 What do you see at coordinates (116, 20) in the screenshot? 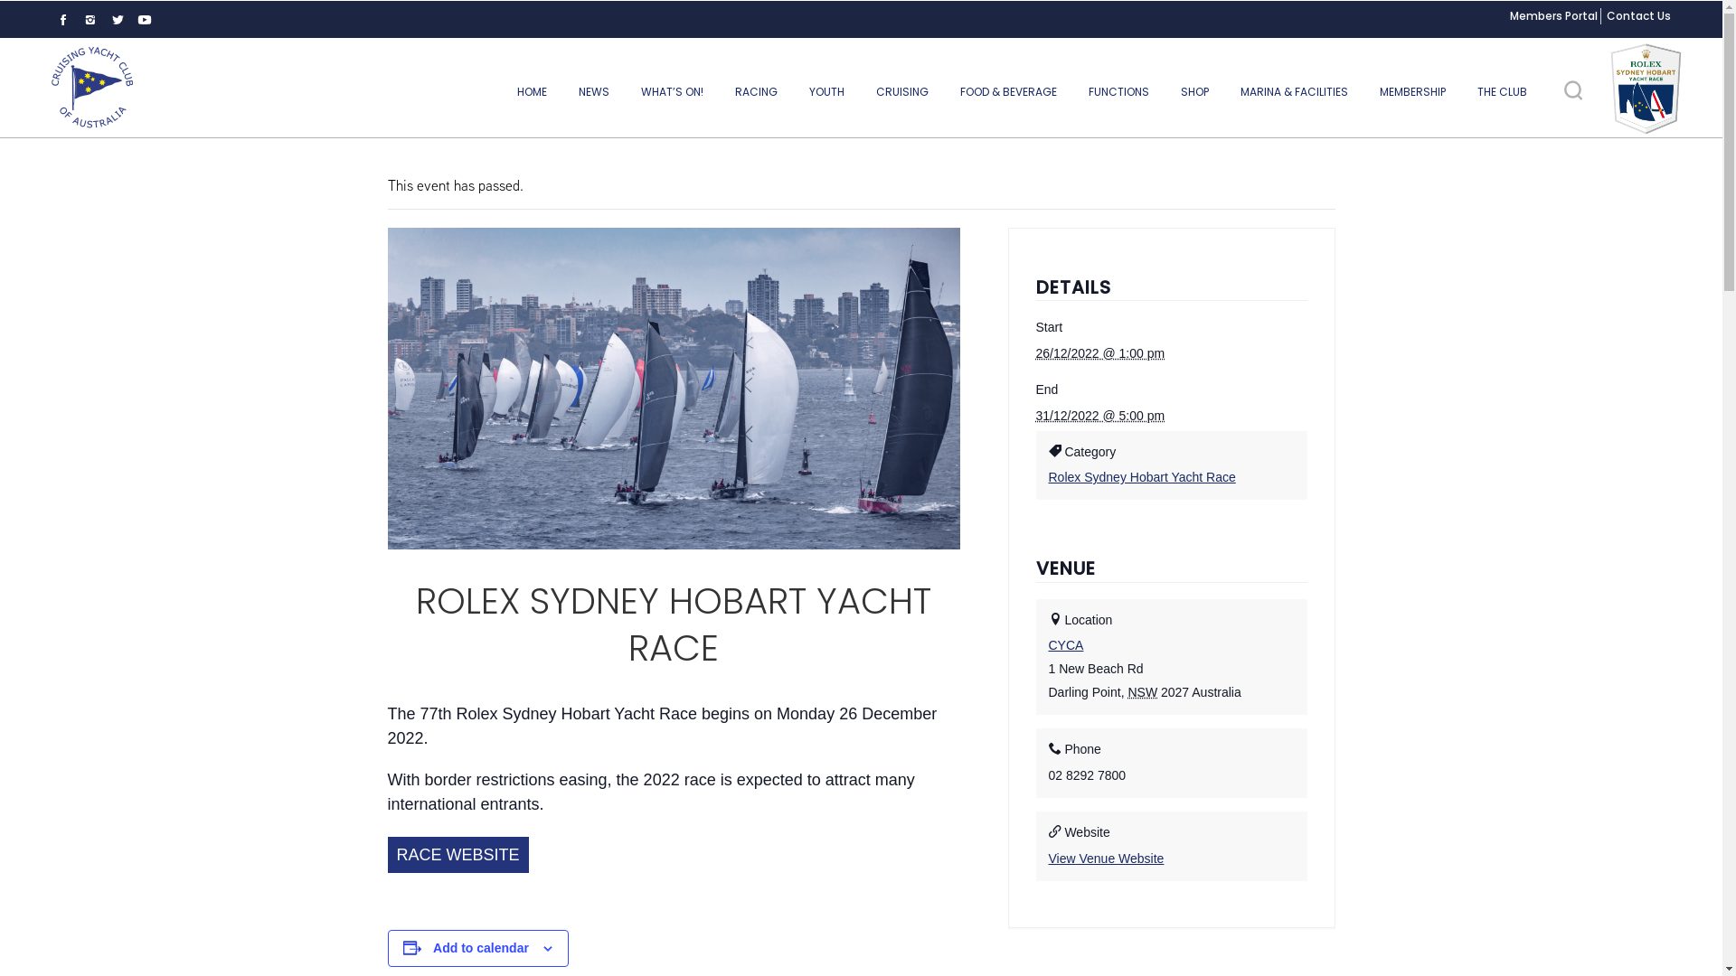
I see `'Visit our Twitter feed'` at bounding box center [116, 20].